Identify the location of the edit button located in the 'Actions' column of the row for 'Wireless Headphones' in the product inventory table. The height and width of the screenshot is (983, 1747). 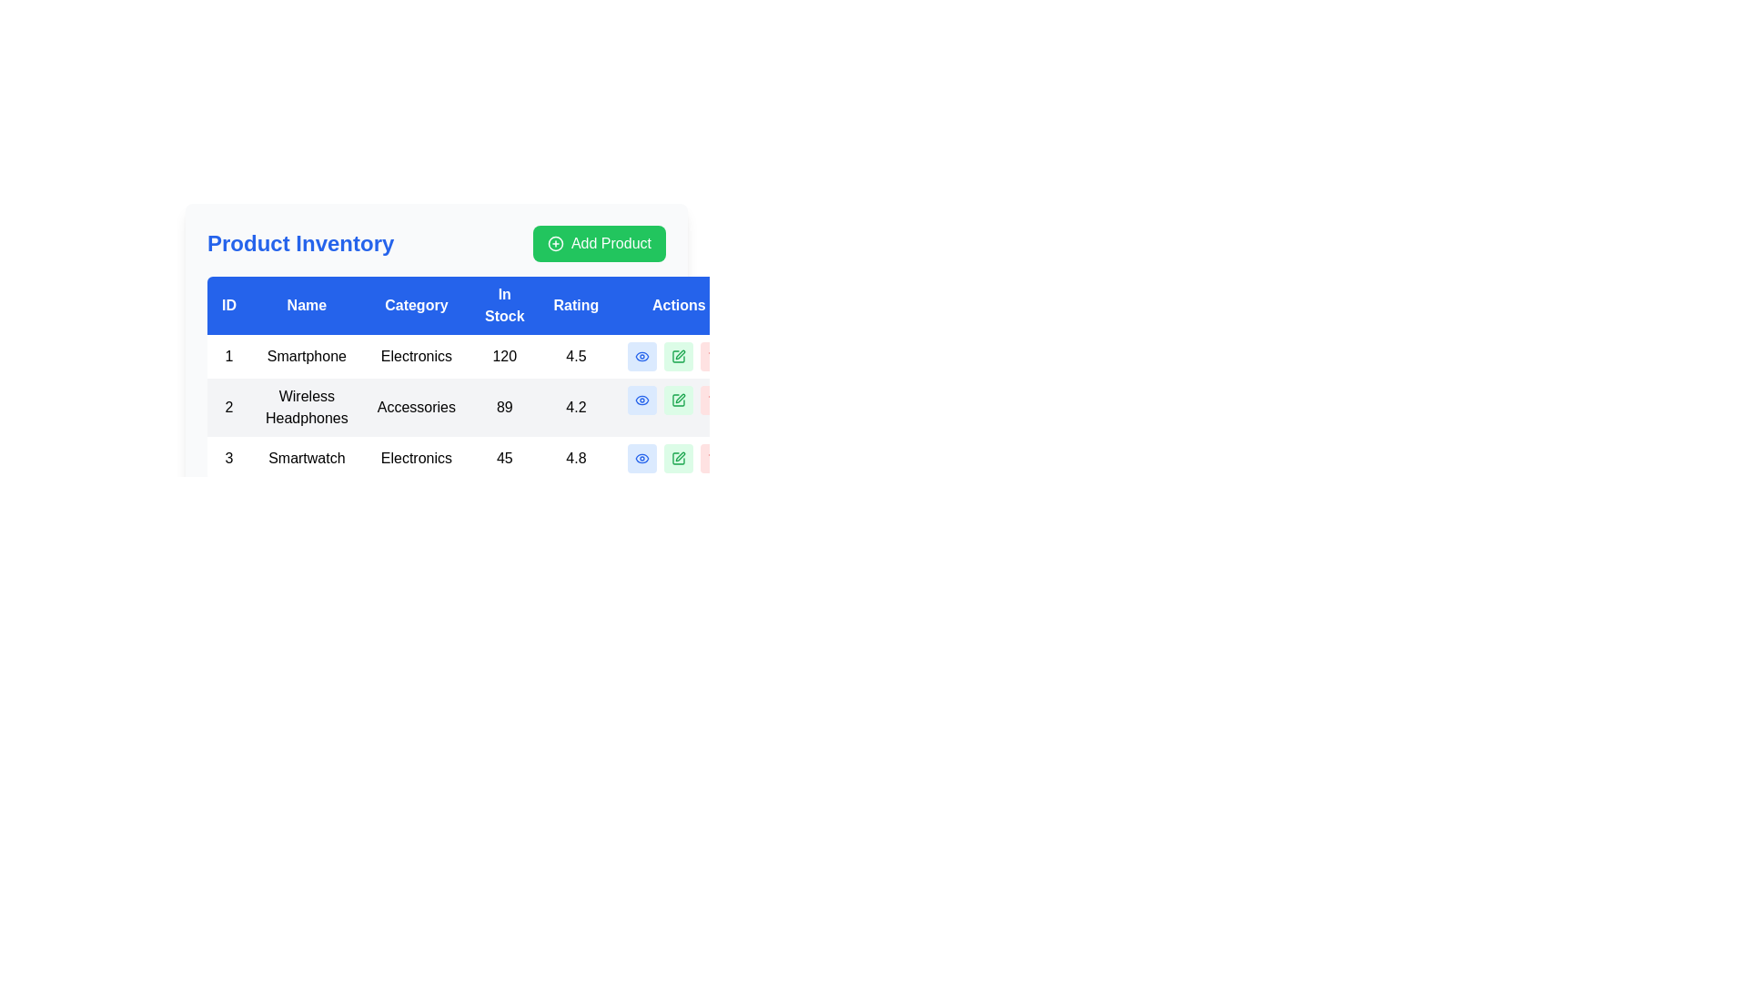
(678, 399).